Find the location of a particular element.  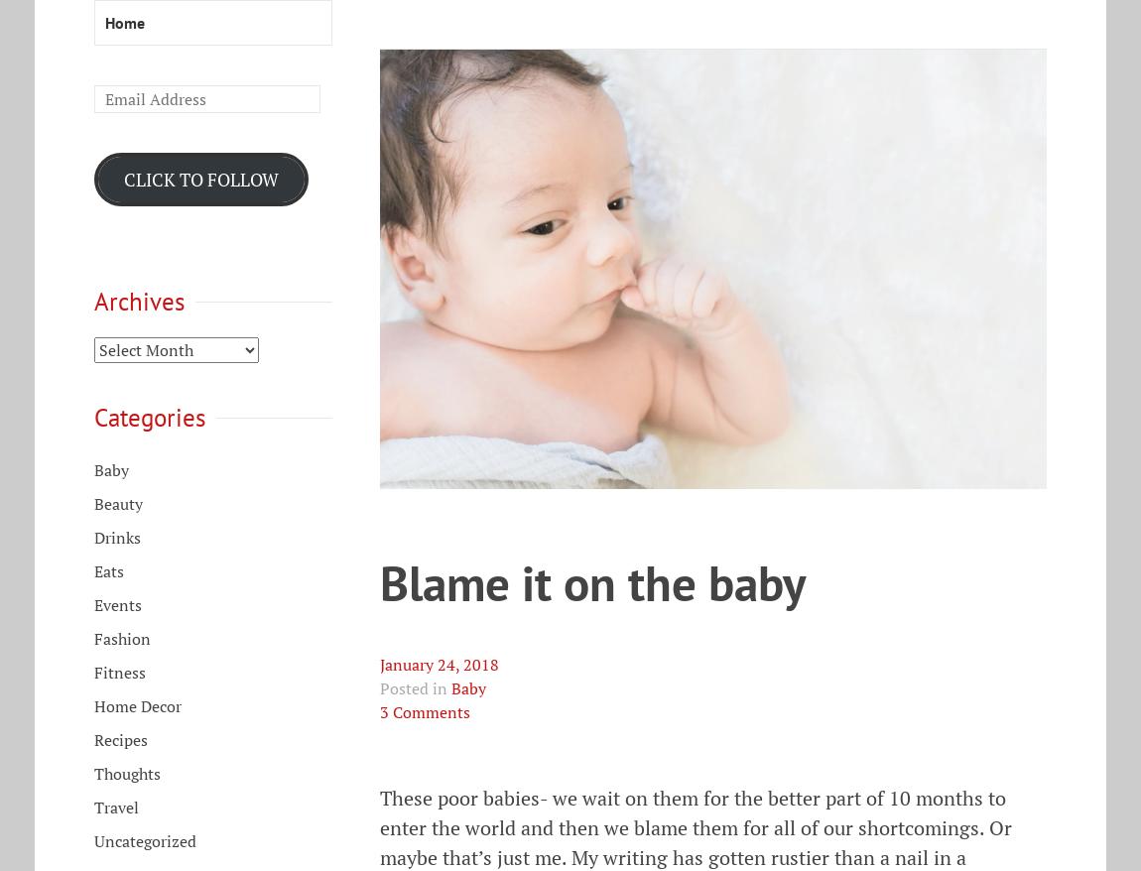

'Recipes' is located at coordinates (120, 739).